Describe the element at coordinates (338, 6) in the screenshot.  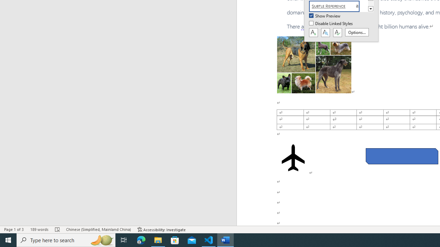
I see `'Subtle Reference'` at that location.